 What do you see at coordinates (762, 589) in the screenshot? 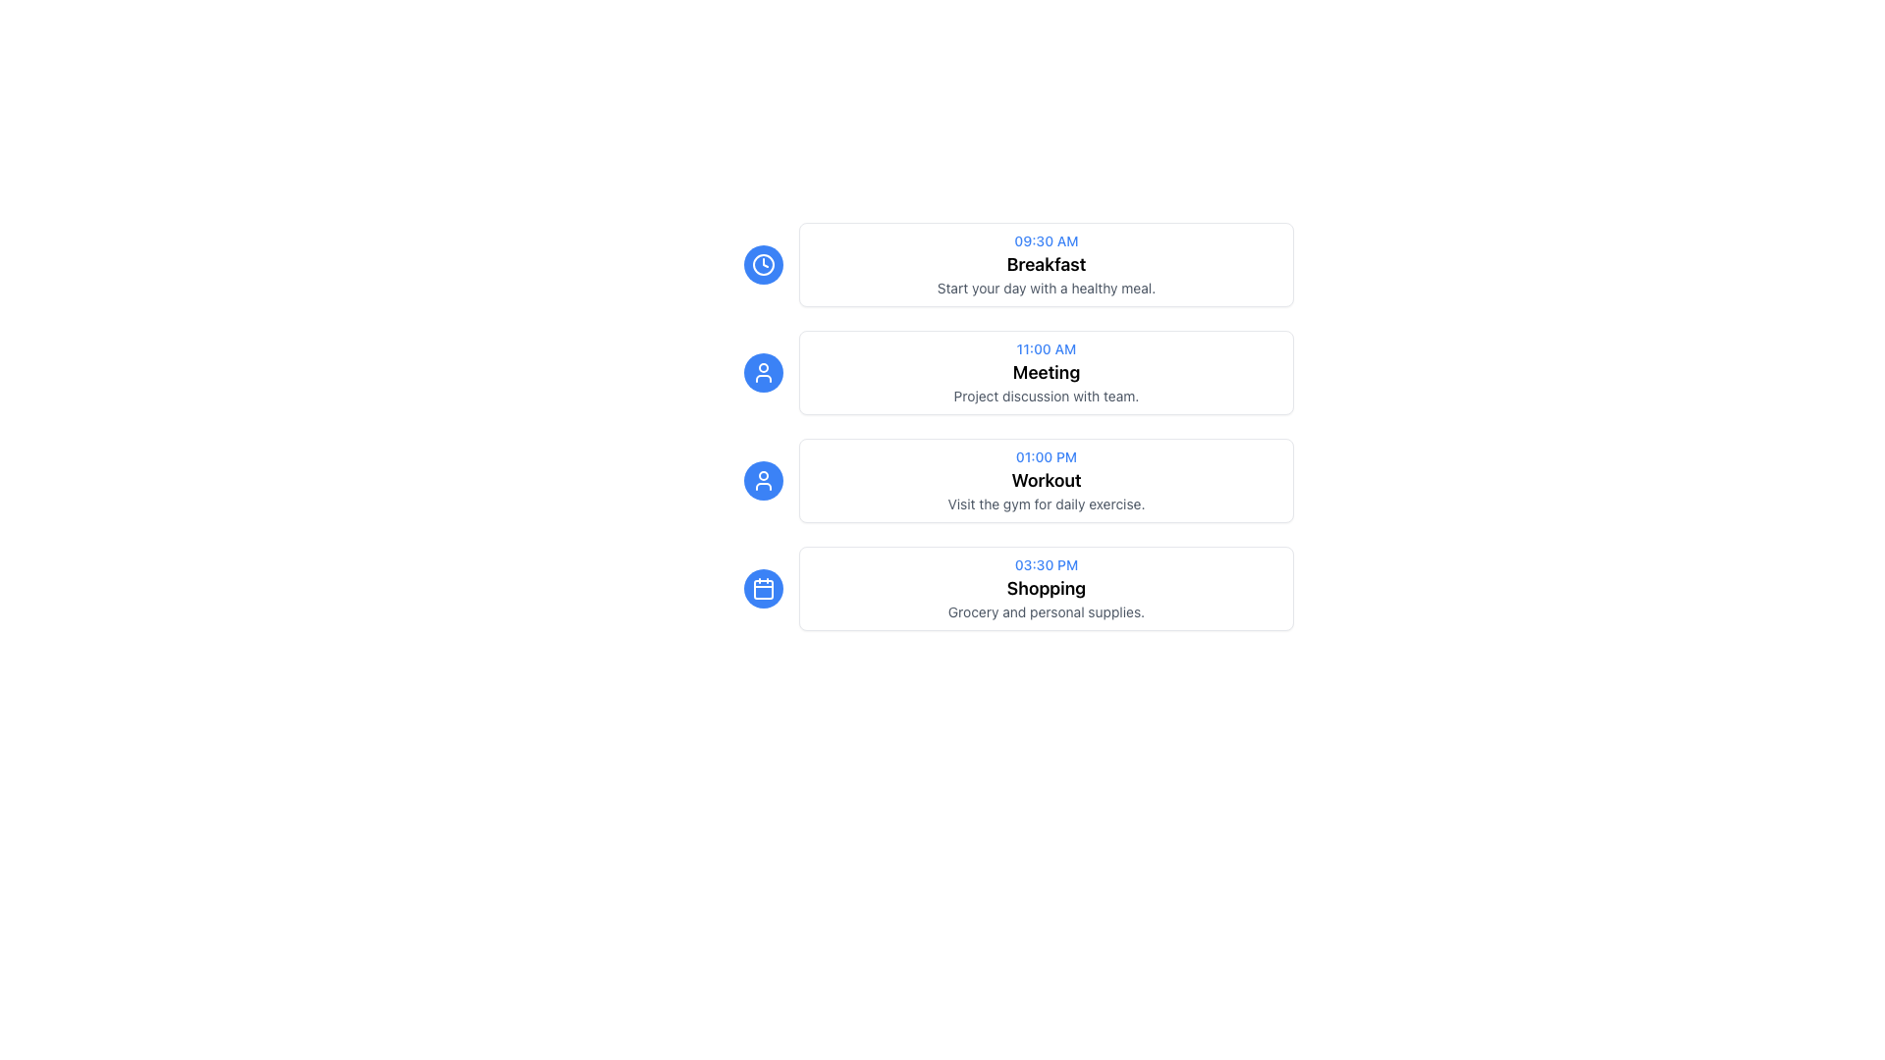
I see `the blue calendar icon with rounded corners, which is the last icon in a vertical sequence on the left of scheduled events` at bounding box center [762, 589].